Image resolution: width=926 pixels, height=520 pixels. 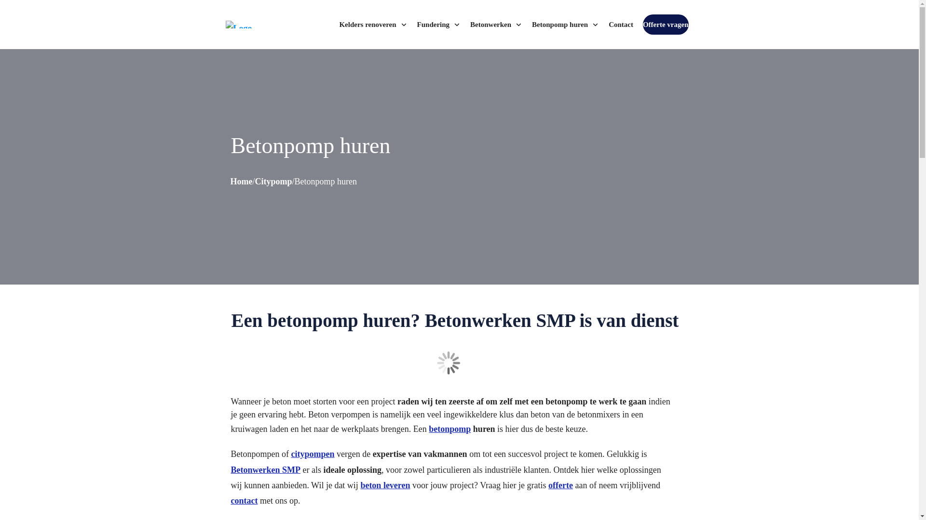 What do you see at coordinates (531, 24) in the screenshot?
I see `'Betonpomp huren'` at bounding box center [531, 24].